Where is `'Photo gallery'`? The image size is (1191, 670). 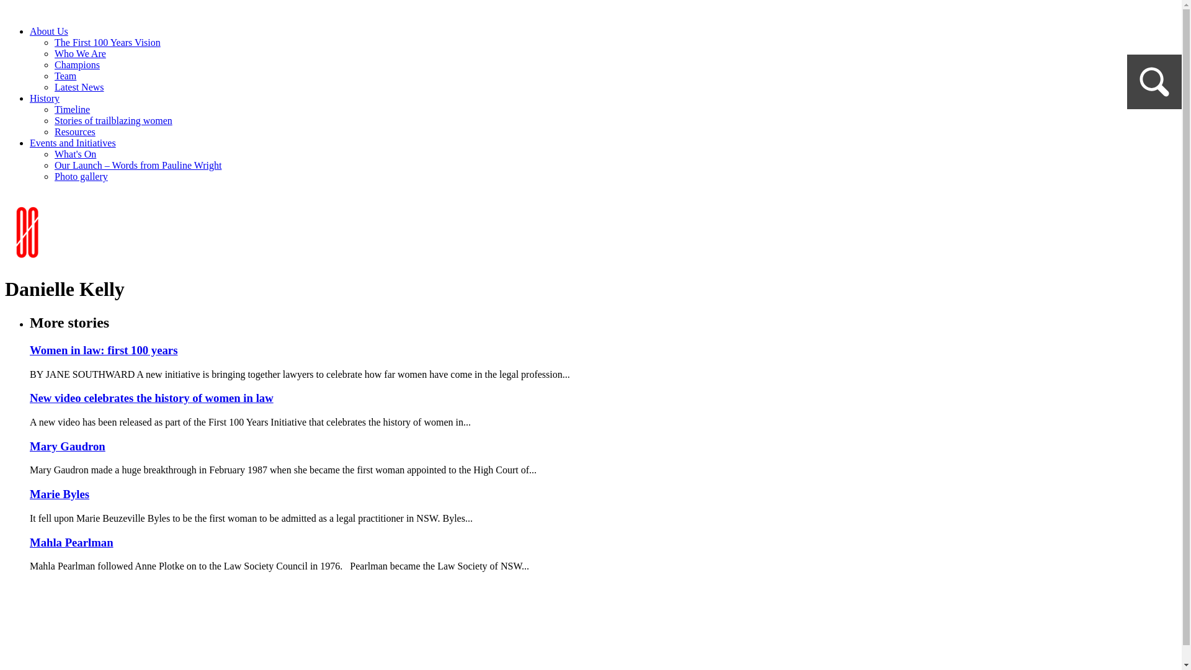 'Photo gallery' is located at coordinates (80, 176).